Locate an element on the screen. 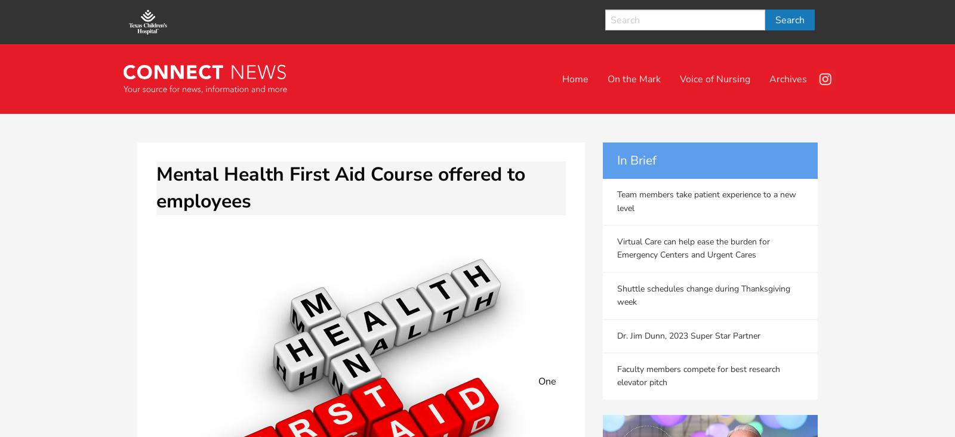  'Virtual Care can help ease the burden for Emergency Centers and Urgent Cares' is located at coordinates (694, 248).